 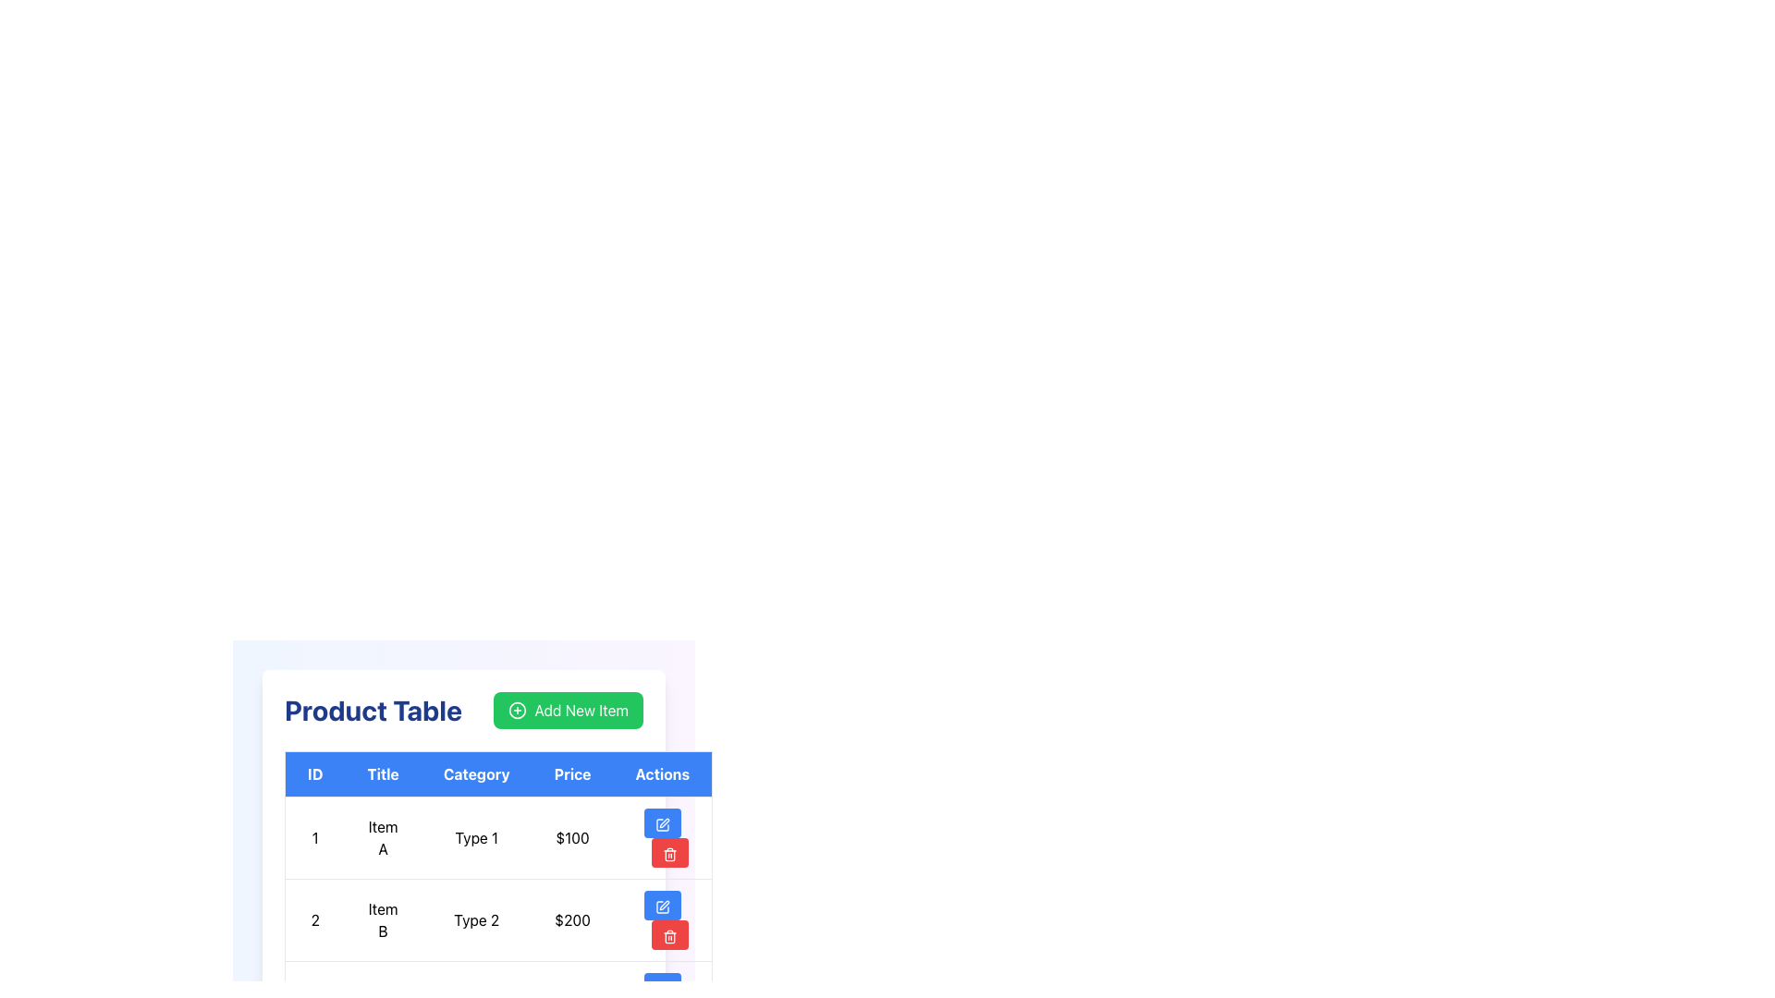 I want to click on the Static Text element displaying 'Type 2' in the third column of the second row of the 'Product Table', so click(x=476, y=919).